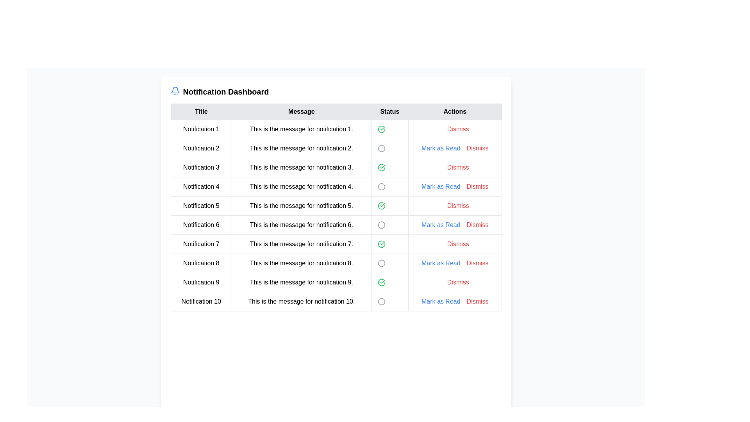  Describe the element at coordinates (455, 301) in the screenshot. I see `the 'Mark as Read' text link in blue, which is part of the grouped interactive text links under the 'Actions' header for 'Notification 10'` at that location.